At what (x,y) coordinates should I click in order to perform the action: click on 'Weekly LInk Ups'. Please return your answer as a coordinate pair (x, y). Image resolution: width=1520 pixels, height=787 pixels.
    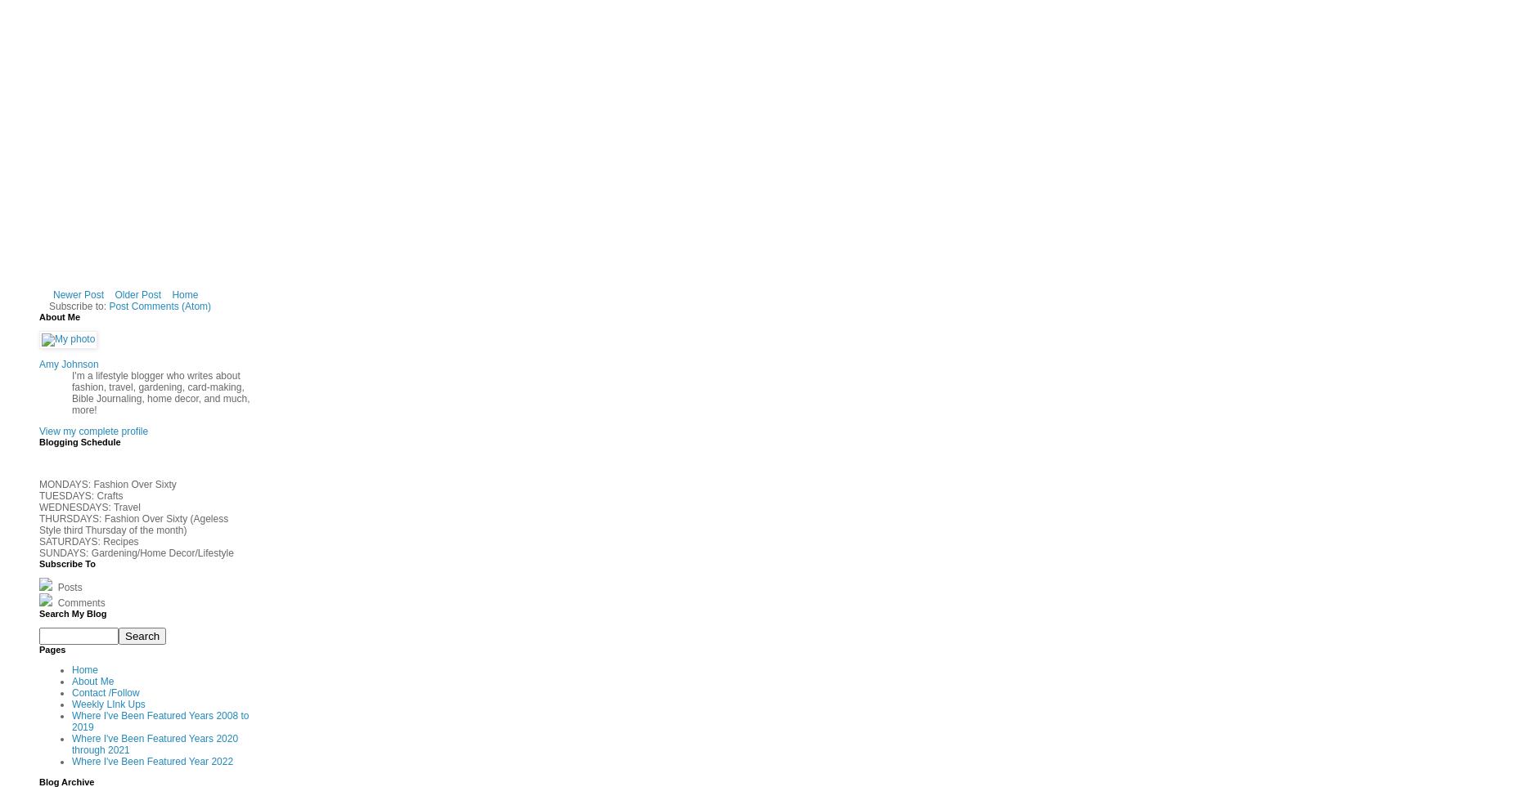
    Looking at the image, I should click on (108, 704).